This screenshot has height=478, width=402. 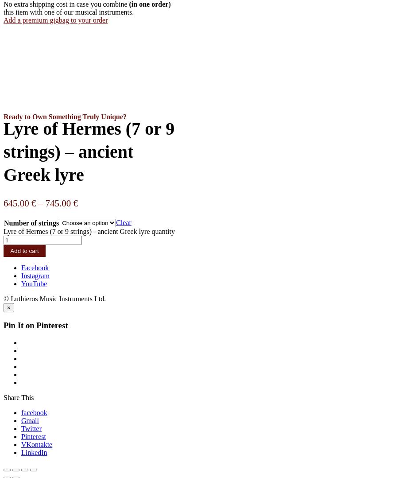 What do you see at coordinates (66, 4) in the screenshot?
I see `'No extra shipping cost in case you combine'` at bounding box center [66, 4].